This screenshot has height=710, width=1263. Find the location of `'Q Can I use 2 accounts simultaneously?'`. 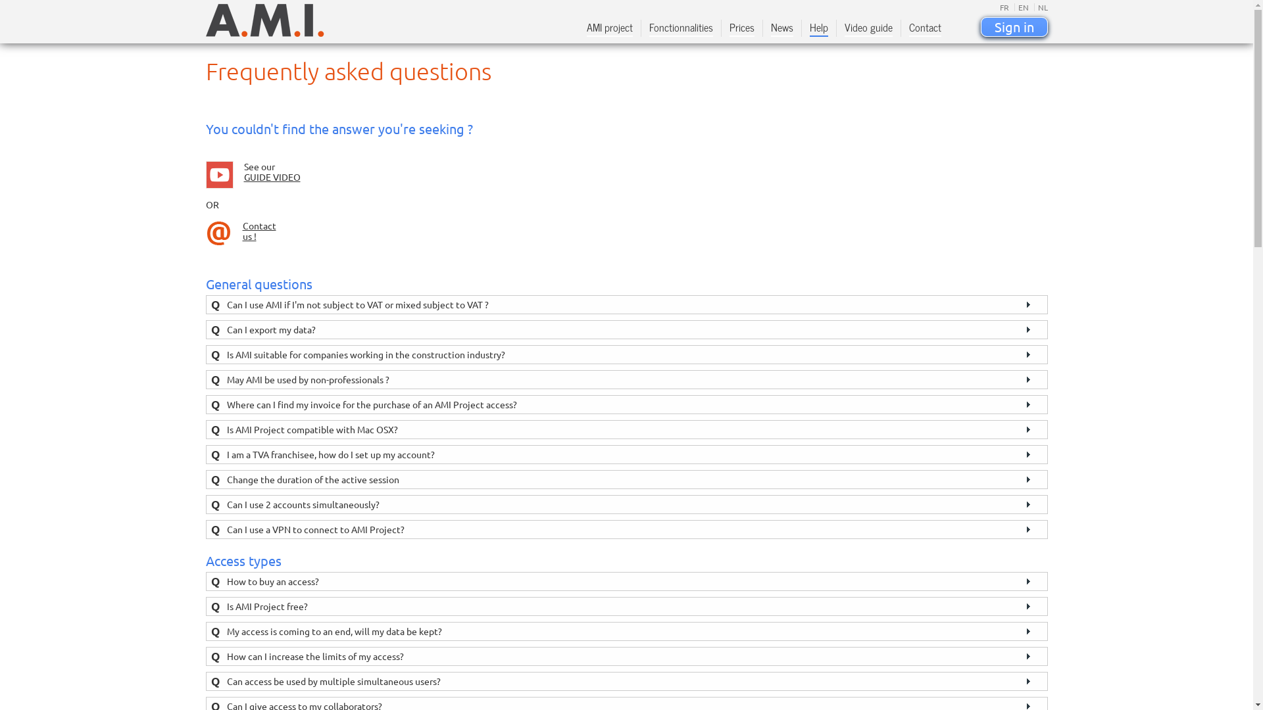

'Q Can I use 2 accounts simultaneously?' is located at coordinates (625, 504).